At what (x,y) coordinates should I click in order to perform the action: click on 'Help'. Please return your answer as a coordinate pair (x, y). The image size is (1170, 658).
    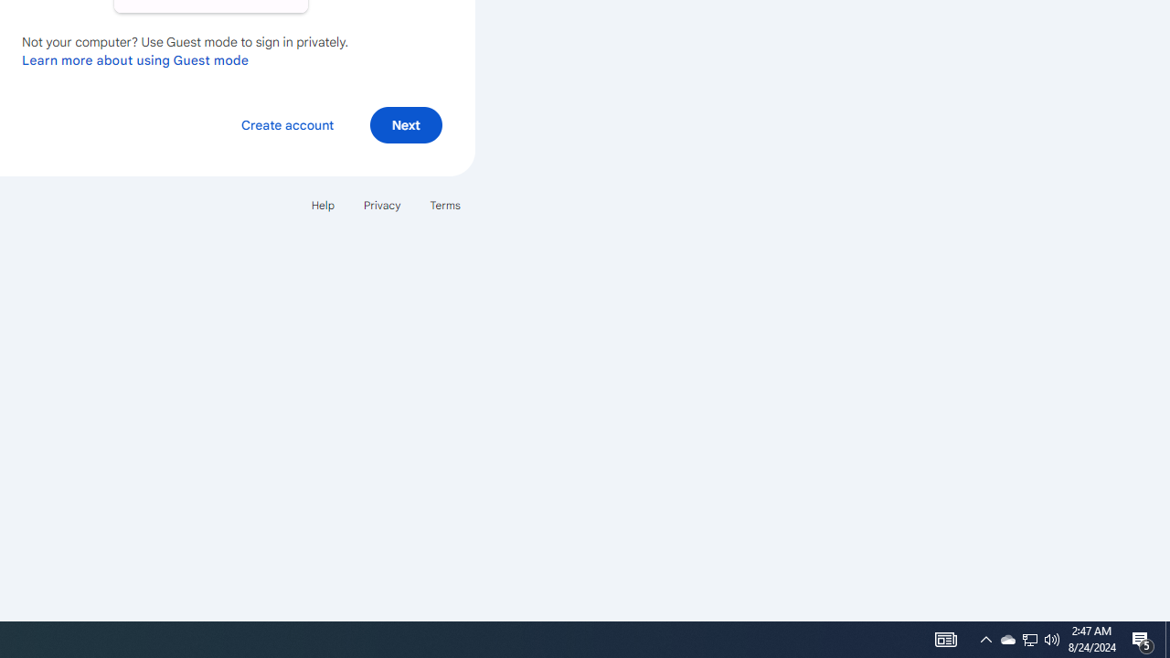
    Looking at the image, I should click on (322, 205).